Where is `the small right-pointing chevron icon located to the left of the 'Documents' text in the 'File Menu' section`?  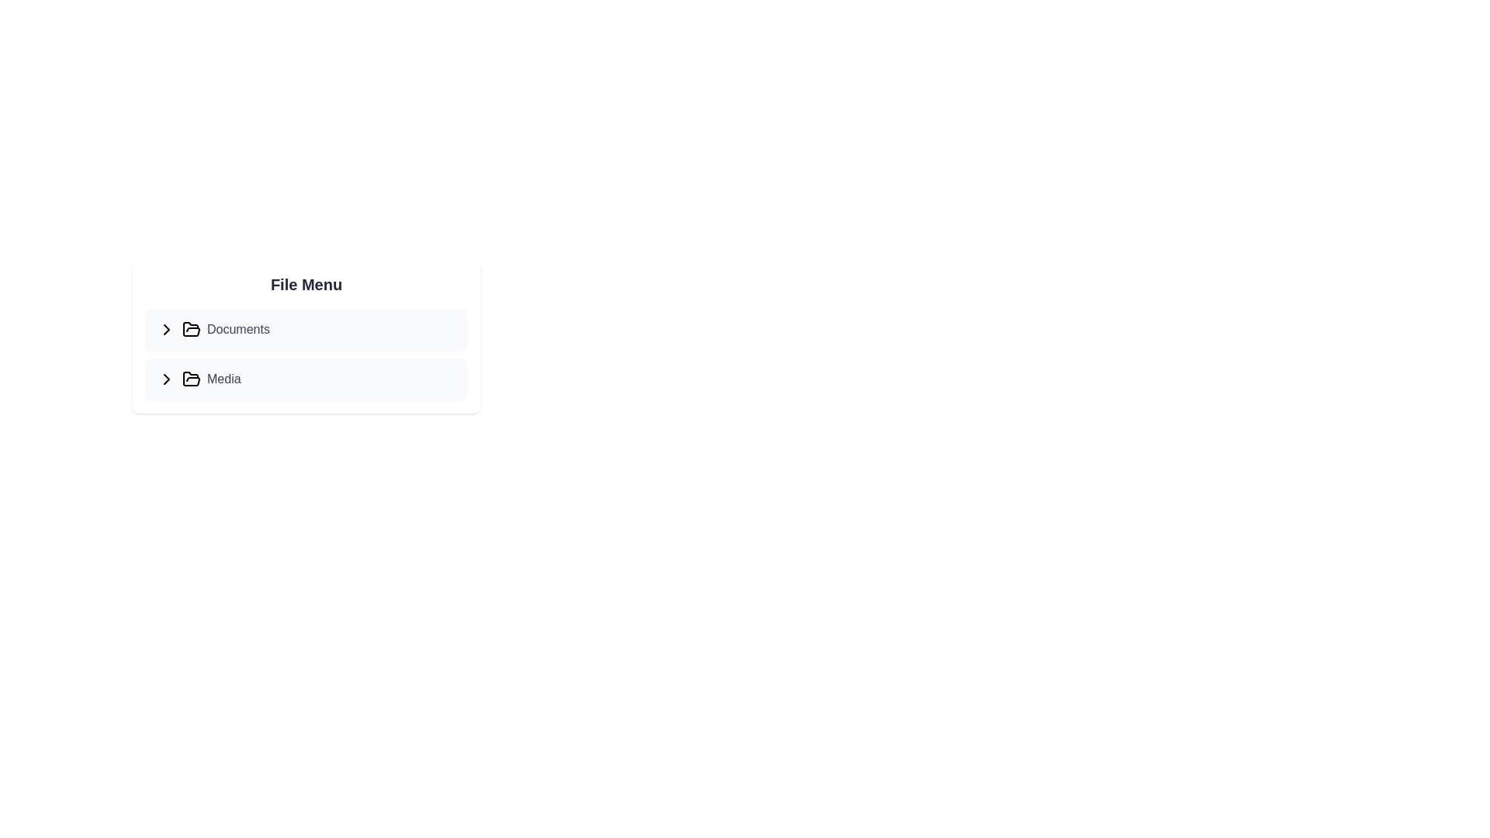
the small right-pointing chevron icon located to the left of the 'Documents' text in the 'File Menu' section is located at coordinates (167, 328).